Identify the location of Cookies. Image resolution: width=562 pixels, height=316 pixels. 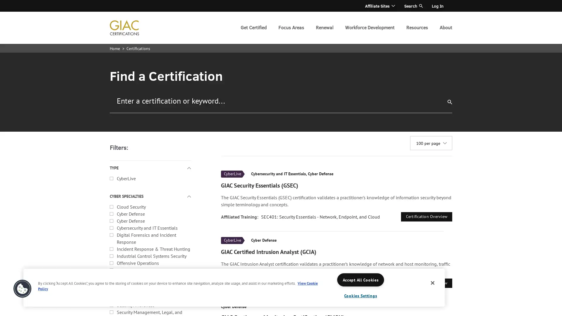
(22, 288).